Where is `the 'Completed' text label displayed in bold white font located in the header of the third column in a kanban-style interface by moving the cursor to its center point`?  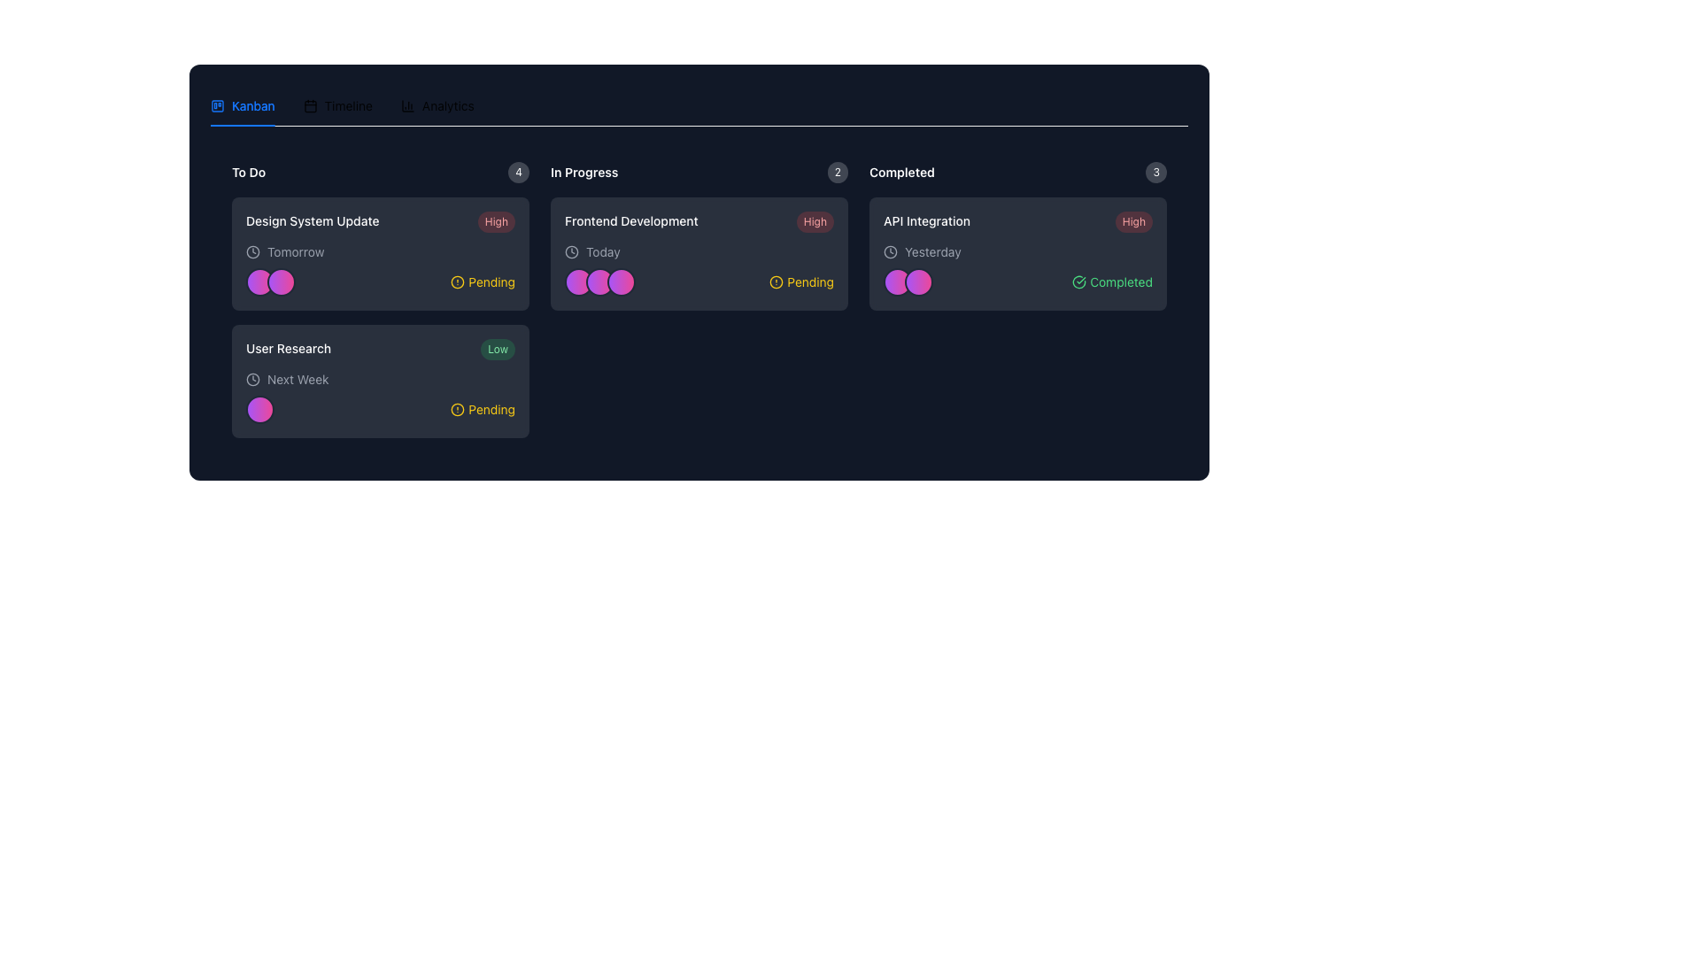 the 'Completed' text label displayed in bold white font located in the header of the third column in a kanban-style interface by moving the cursor to its center point is located at coordinates (901, 173).